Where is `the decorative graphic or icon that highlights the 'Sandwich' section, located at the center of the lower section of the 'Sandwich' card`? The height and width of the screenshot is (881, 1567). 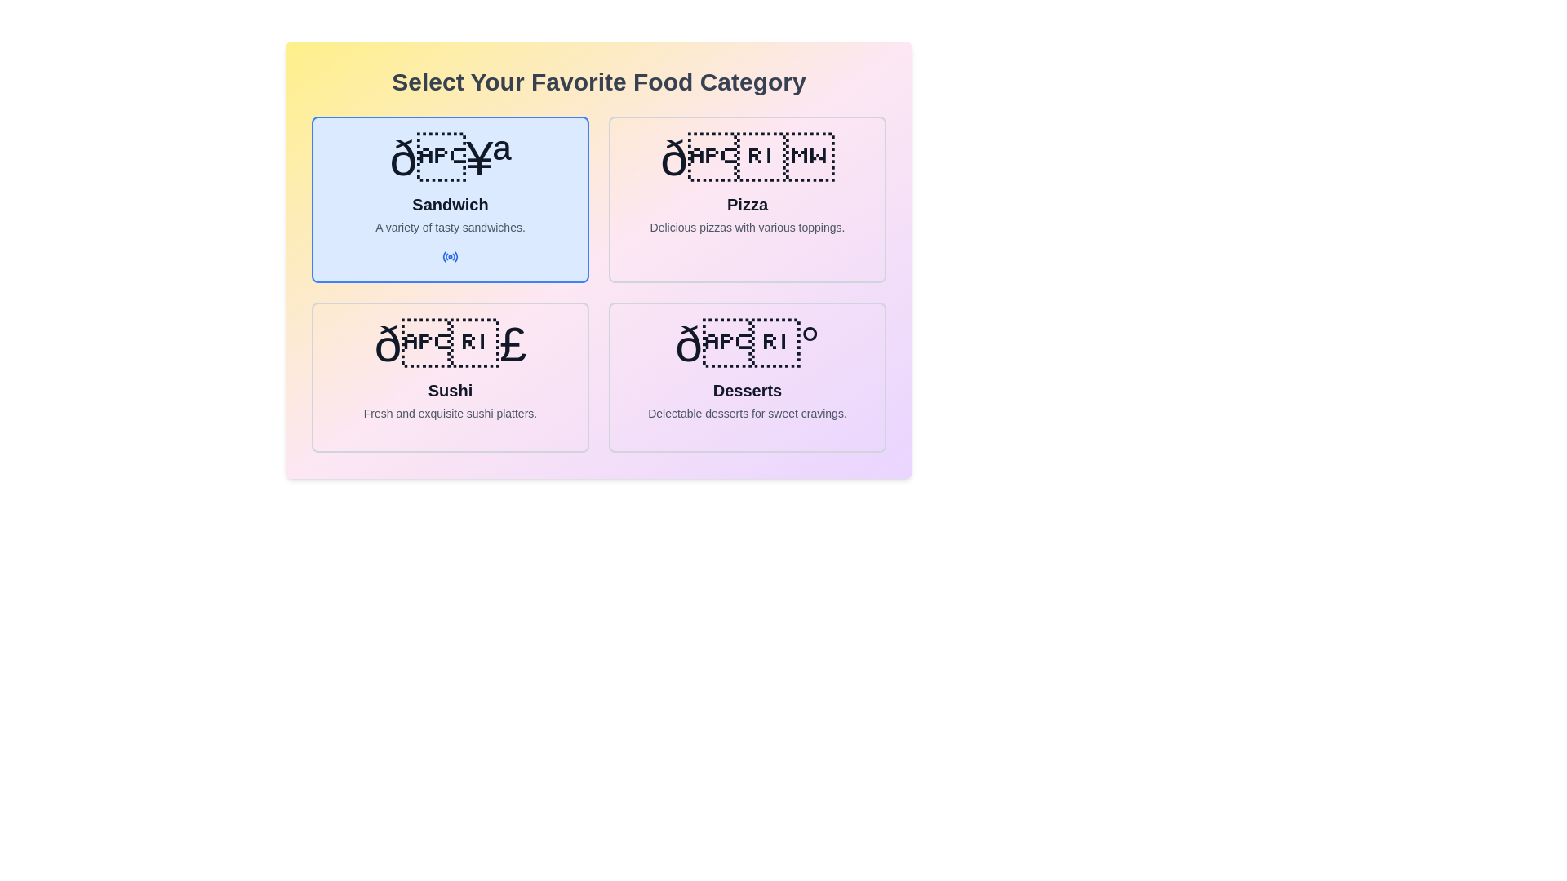 the decorative graphic or icon that highlights the 'Sandwich' section, located at the center of the lower section of the 'Sandwich' card is located at coordinates (451, 257).